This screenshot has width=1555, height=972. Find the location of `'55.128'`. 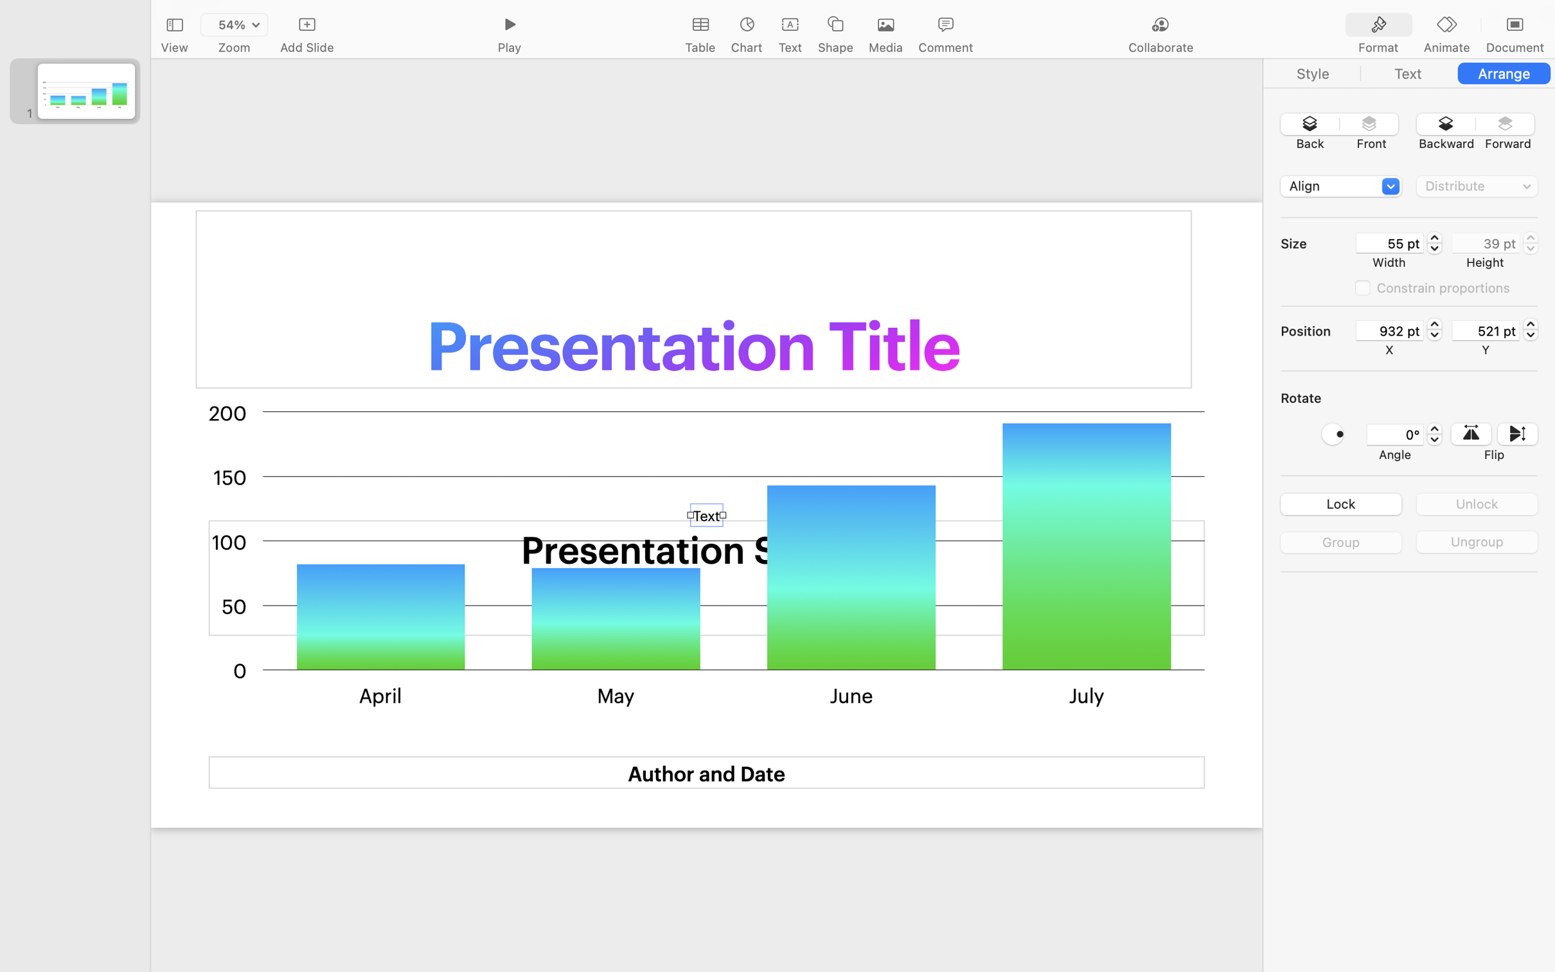

'55.128' is located at coordinates (1435, 243).